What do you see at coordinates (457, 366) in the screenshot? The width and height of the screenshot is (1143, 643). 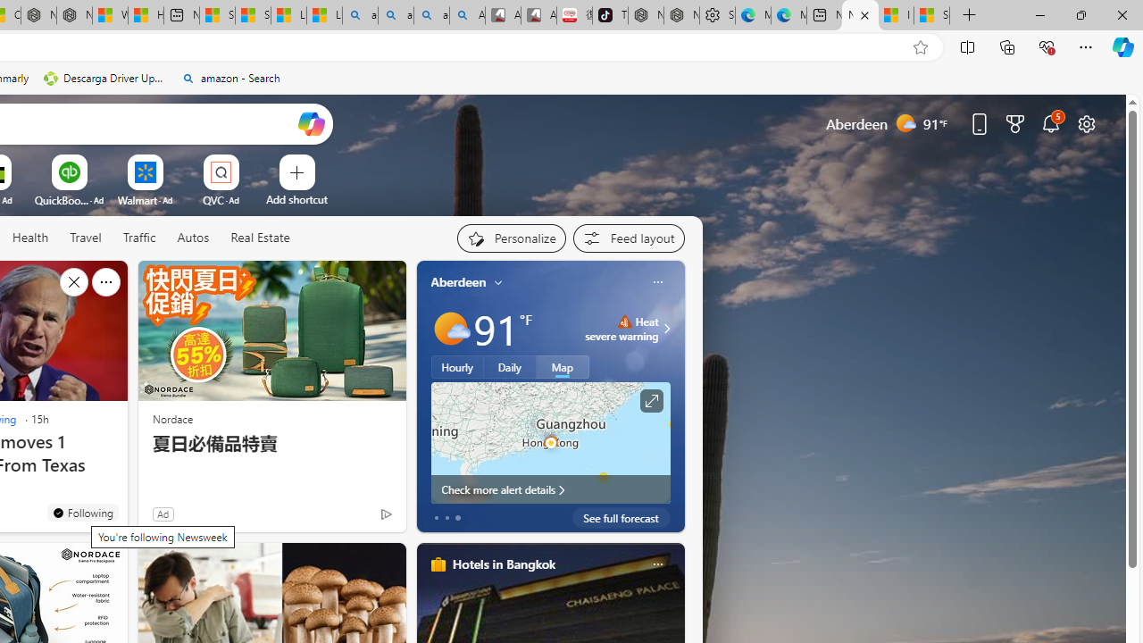 I see `'Hourly'` at bounding box center [457, 366].